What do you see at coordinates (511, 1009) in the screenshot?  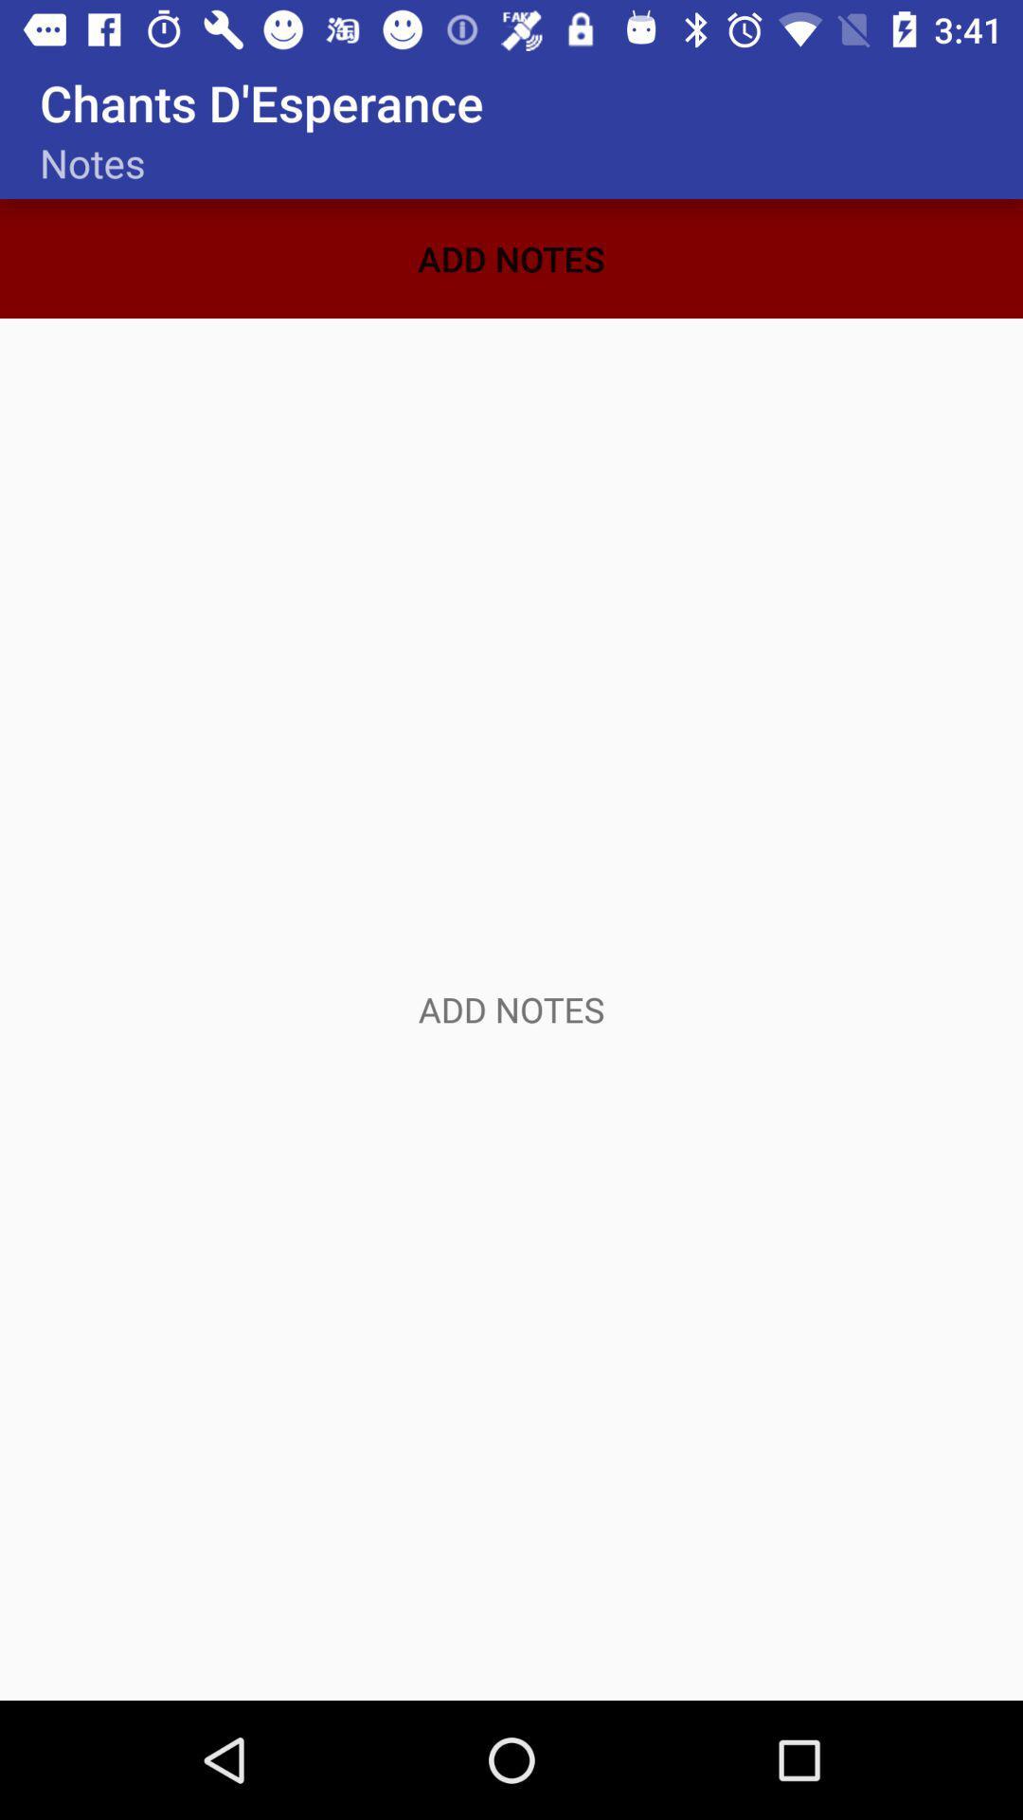 I see `notes here` at bounding box center [511, 1009].